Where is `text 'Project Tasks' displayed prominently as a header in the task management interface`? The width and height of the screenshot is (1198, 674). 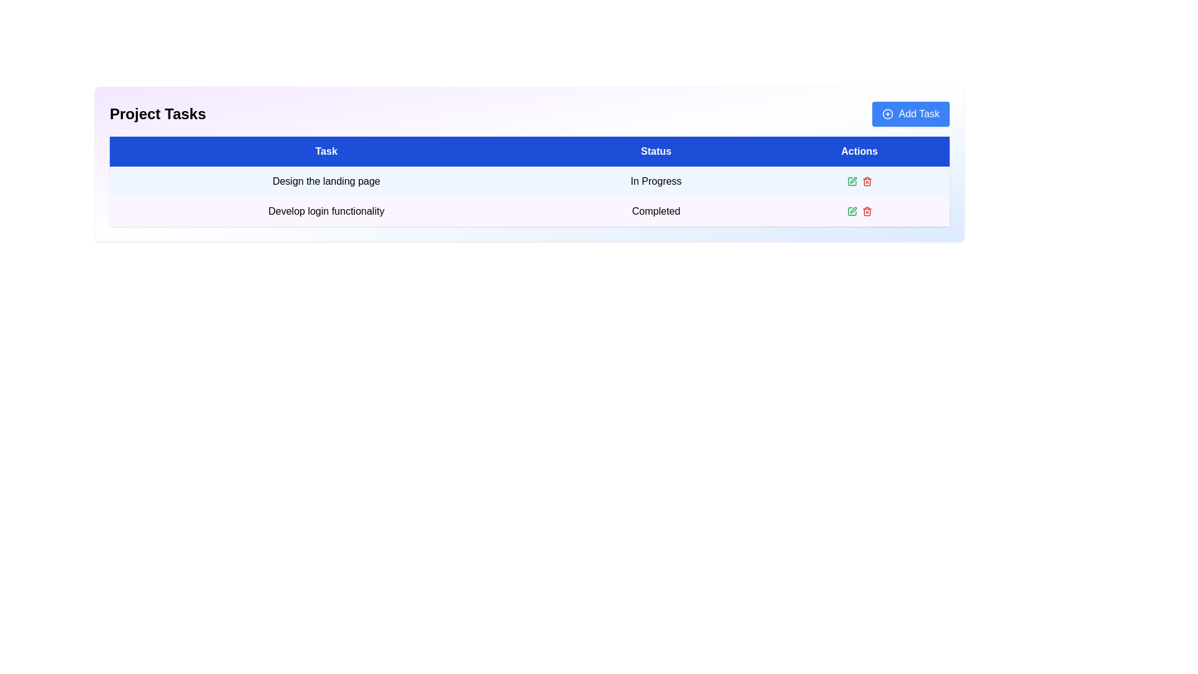 text 'Project Tasks' displayed prominently as a header in the task management interface is located at coordinates (157, 114).